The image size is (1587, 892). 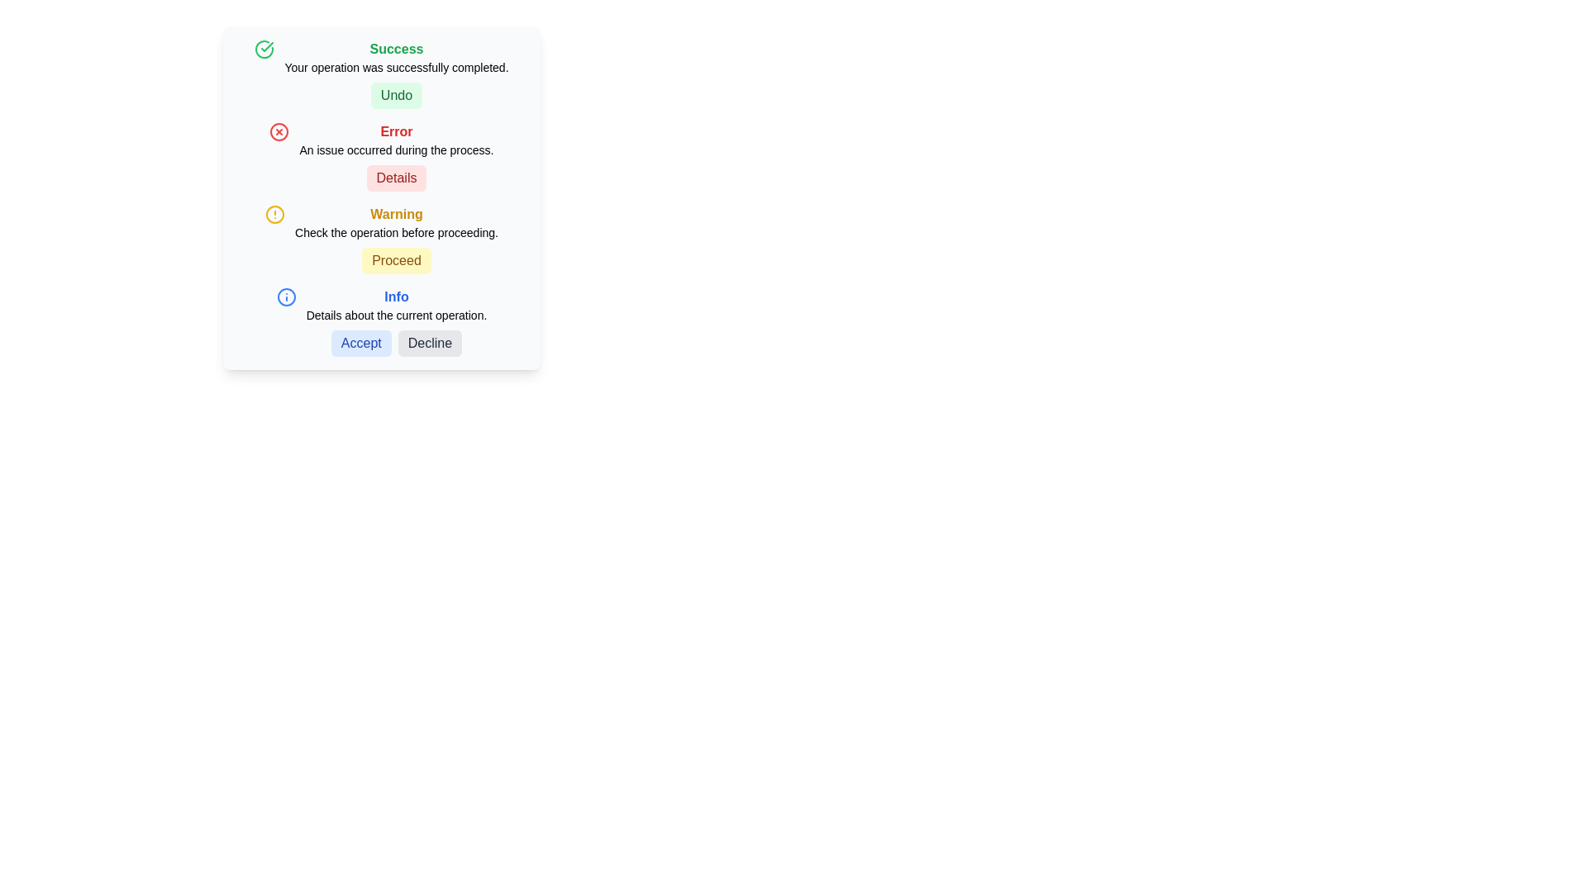 I want to click on the circular SVG element that visually represents an error state, which is located to the left of the 'Error' text, so click(x=279, y=130).